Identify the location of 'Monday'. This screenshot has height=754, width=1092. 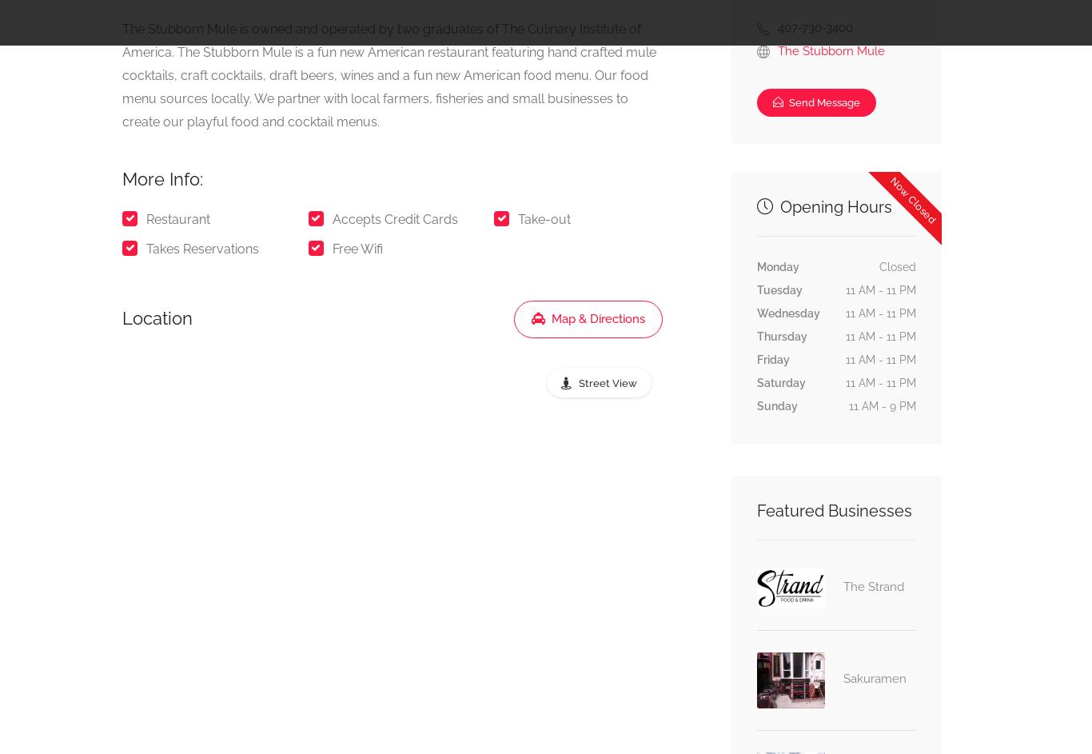
(755, 265).